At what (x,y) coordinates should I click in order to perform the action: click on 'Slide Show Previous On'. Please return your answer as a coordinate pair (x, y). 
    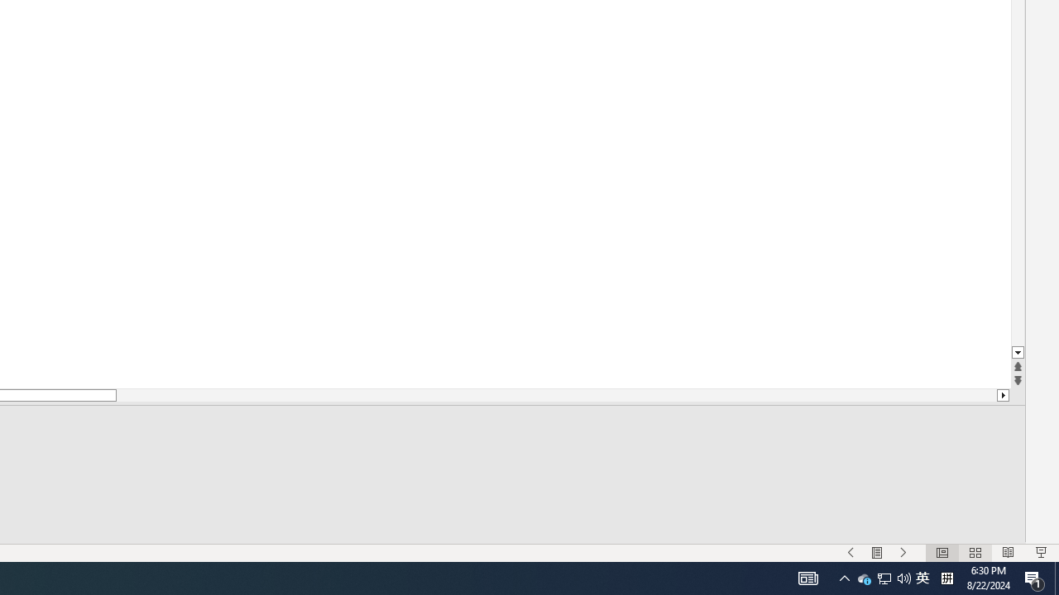
    Looking at the image, I should click on (851, 553).